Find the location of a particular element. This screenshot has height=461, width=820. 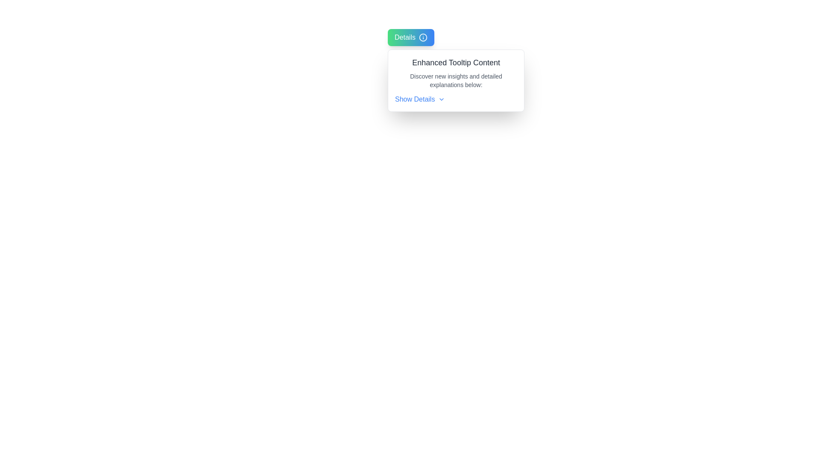

the text label positioned below the heading 'Enhanced Tooltip Content' is located at coordinates (456, 81).